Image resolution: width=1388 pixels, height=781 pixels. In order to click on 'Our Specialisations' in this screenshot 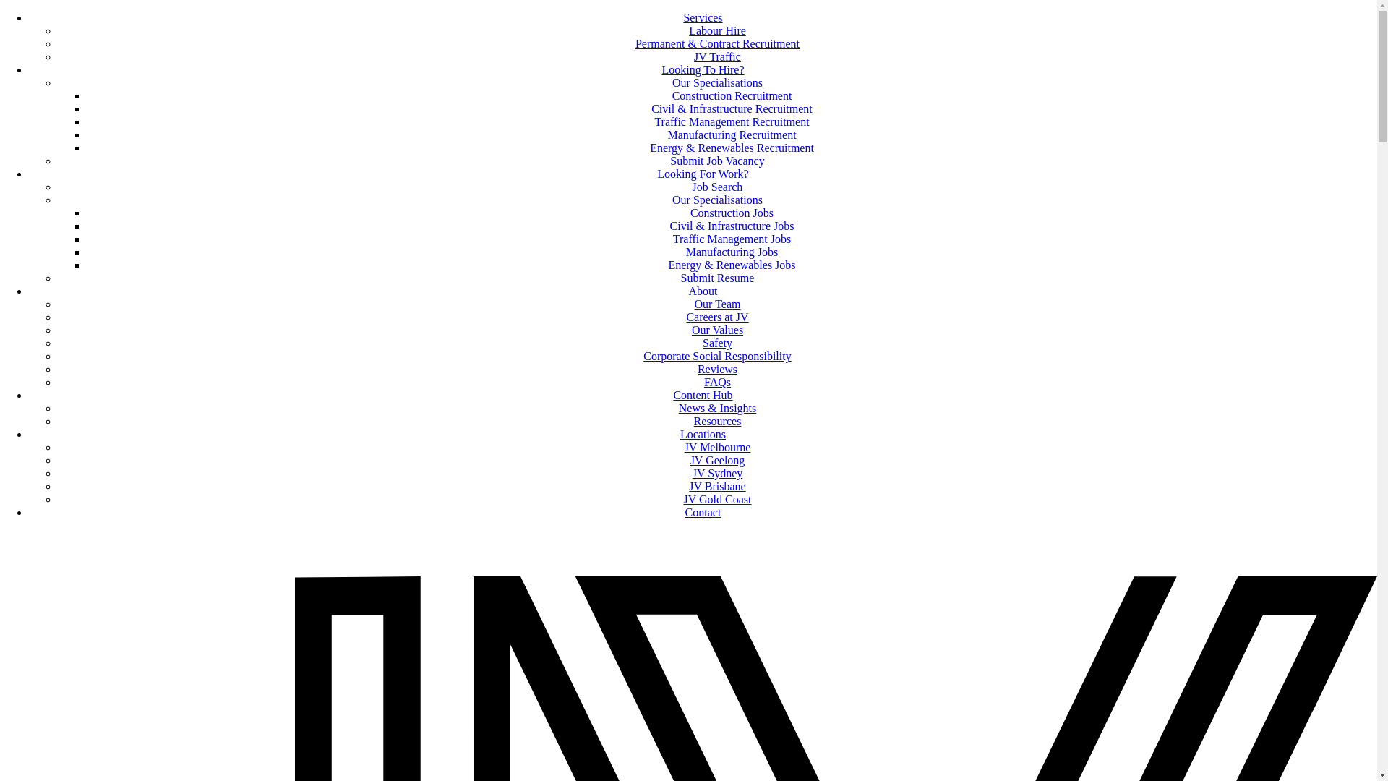, I will do `click(717, 82)`.